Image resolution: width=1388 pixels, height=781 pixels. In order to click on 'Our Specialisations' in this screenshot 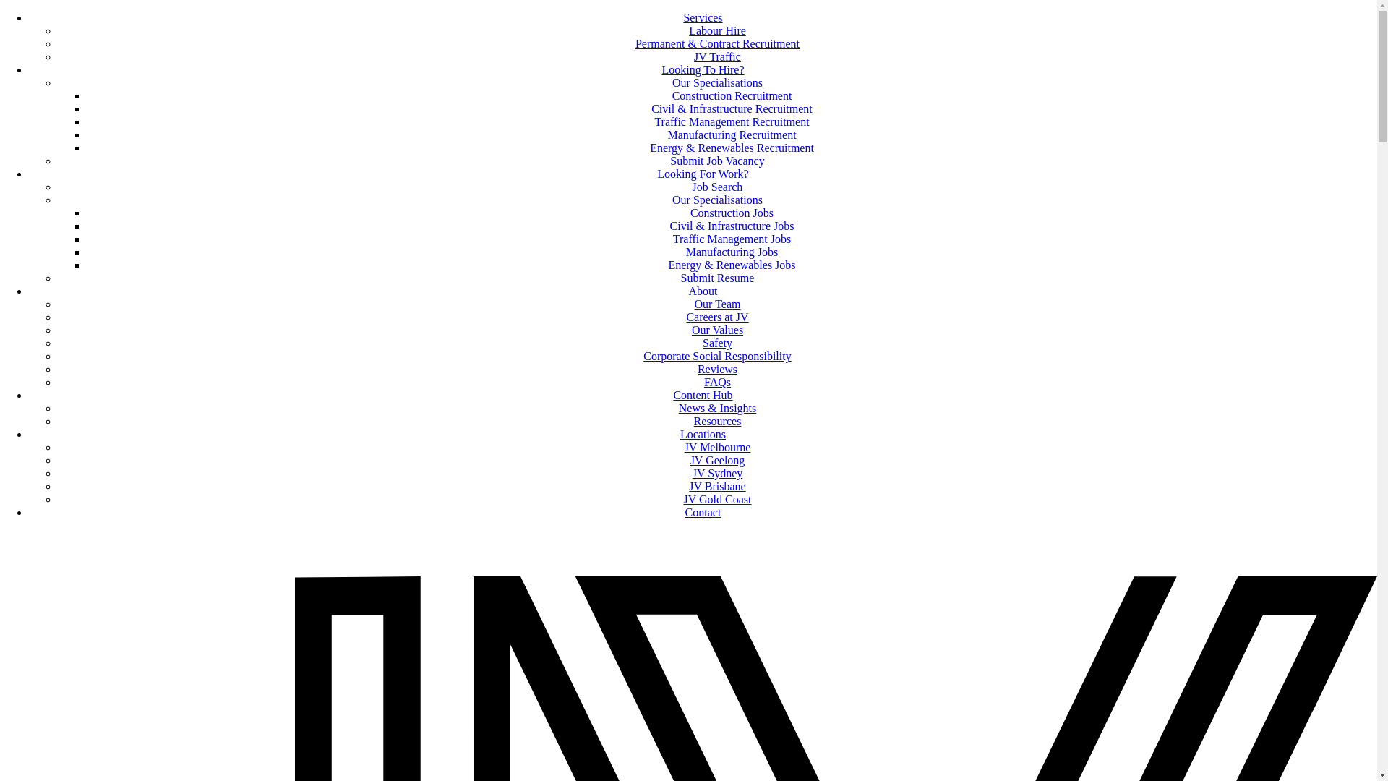, I will do `click(717, 82)`.